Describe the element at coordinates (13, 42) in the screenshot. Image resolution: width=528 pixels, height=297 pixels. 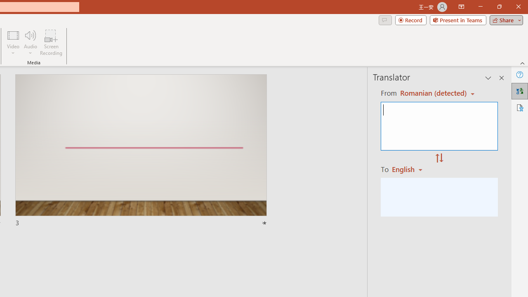
I see `'Video'` at that location.